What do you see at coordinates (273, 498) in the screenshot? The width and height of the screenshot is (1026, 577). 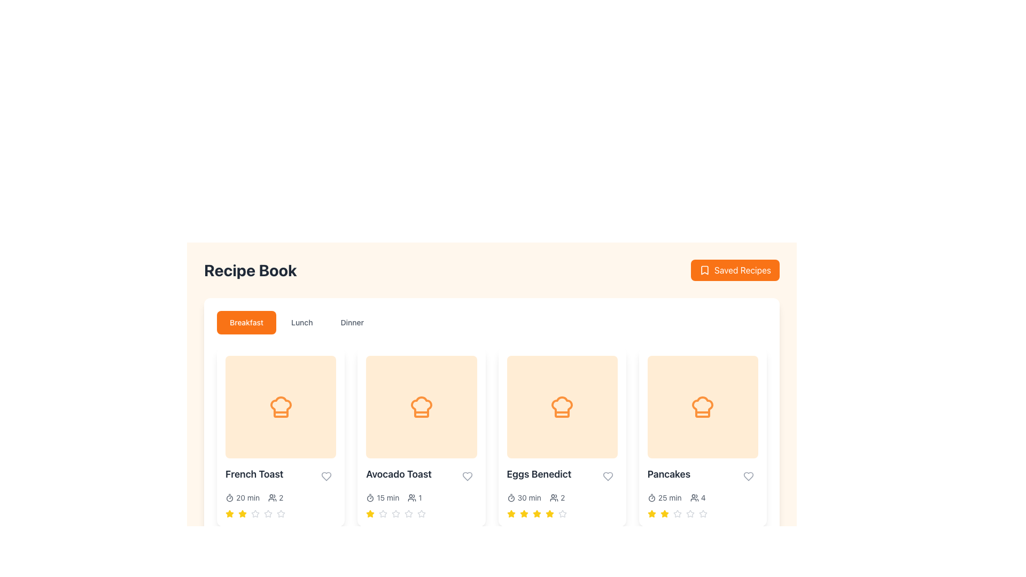 I see `the user silhouette icon located to the left of the number '2' in the recipe details for 'French Toast' if interactive actions are enabled` at bounding box center [273, 498].